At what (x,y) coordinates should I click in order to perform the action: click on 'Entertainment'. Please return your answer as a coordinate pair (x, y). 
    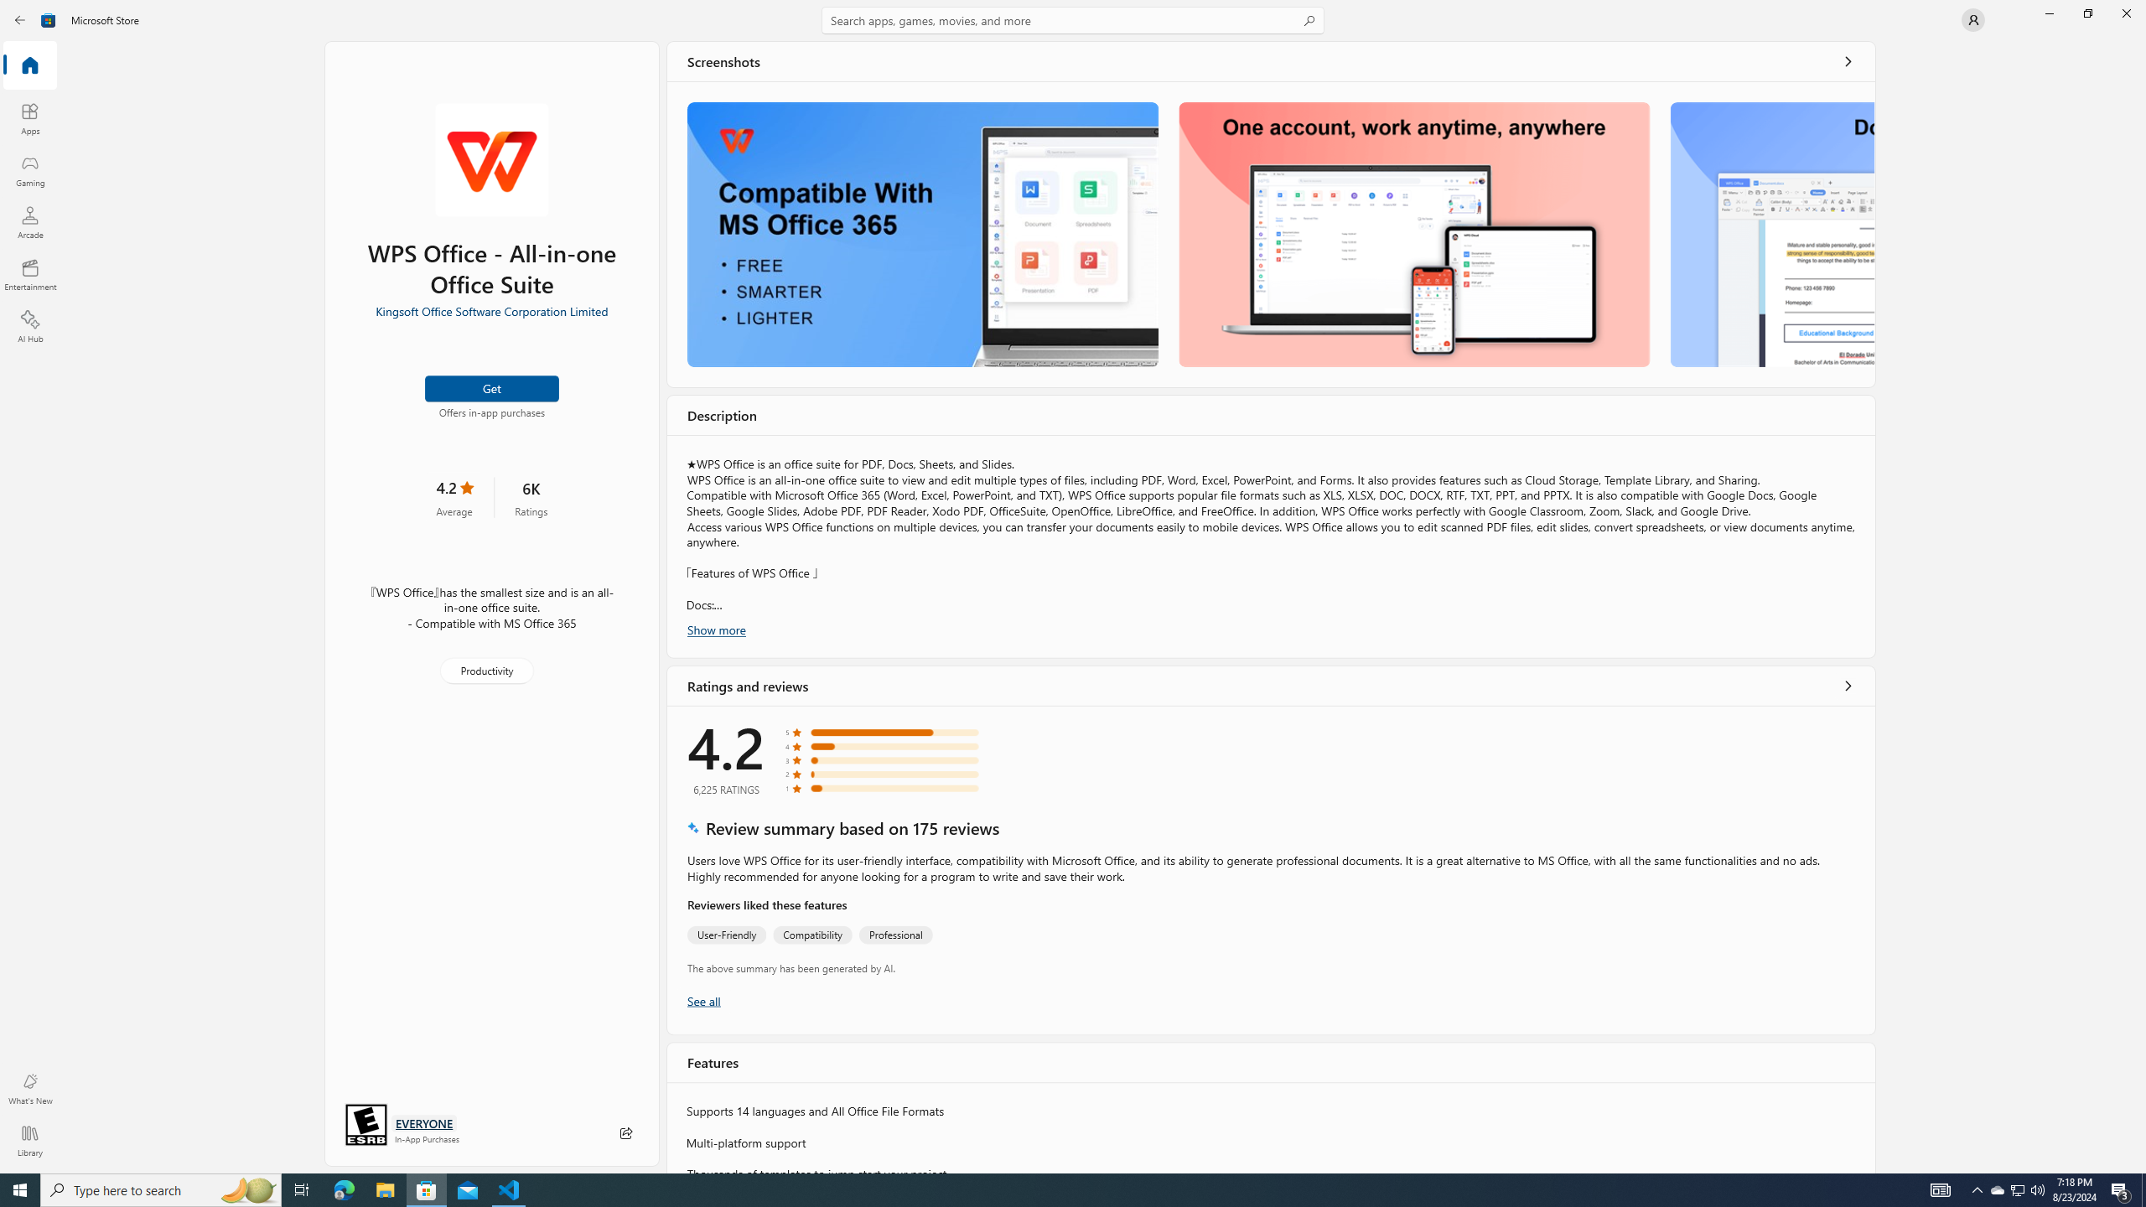
    Looking at the image, I should click on (29, 273).